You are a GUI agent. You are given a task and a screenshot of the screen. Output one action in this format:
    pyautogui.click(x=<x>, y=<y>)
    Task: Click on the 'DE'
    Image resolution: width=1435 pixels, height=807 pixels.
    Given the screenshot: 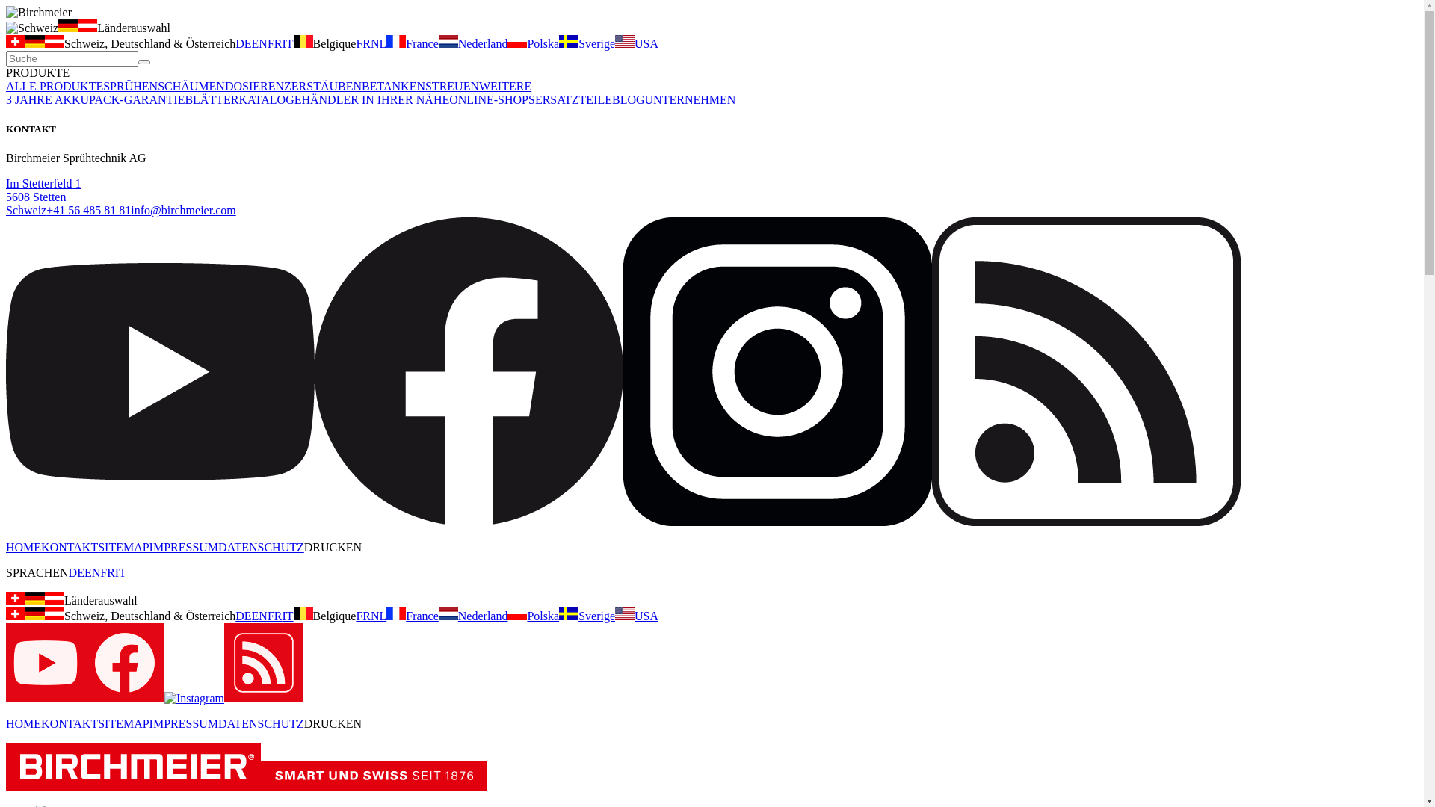 What is the action you would take?
    pyautogui.click(x=243, y=616)
    